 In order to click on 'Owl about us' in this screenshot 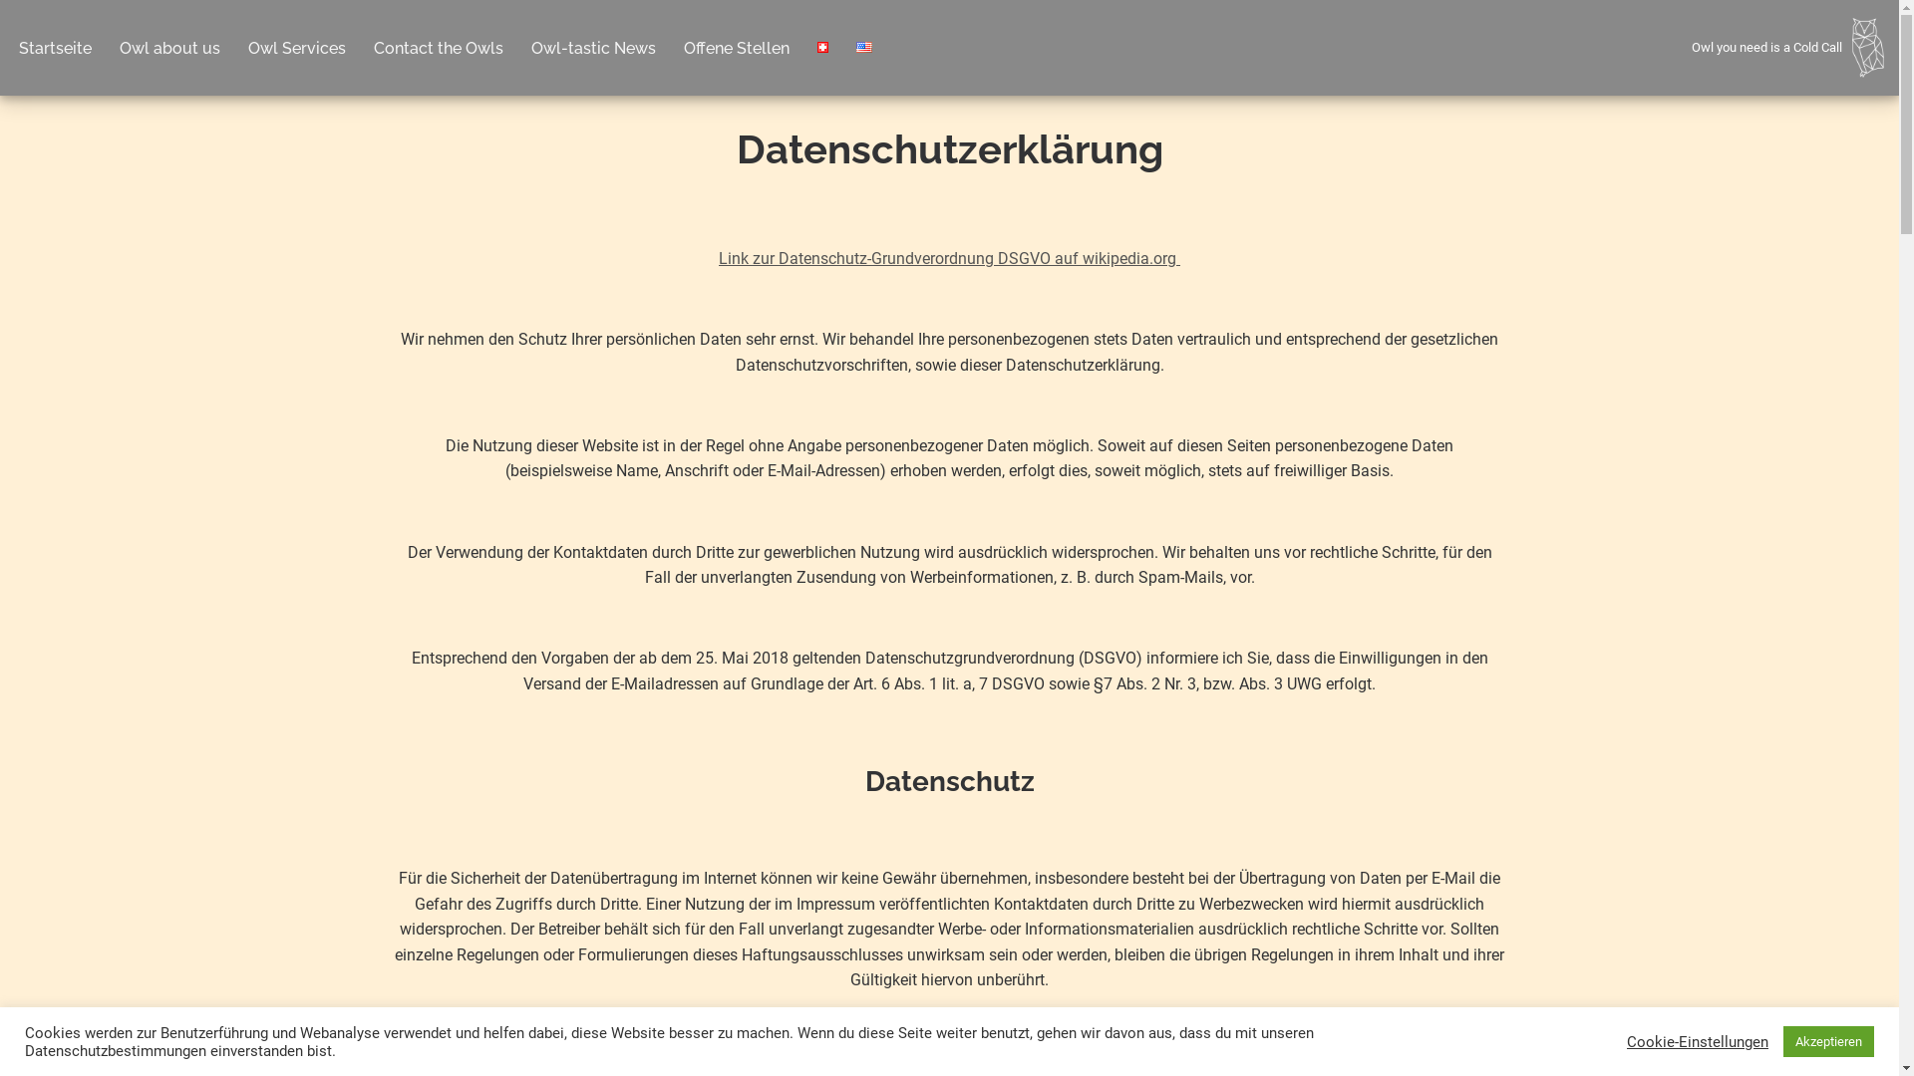, I will do `click(169, 47)`.